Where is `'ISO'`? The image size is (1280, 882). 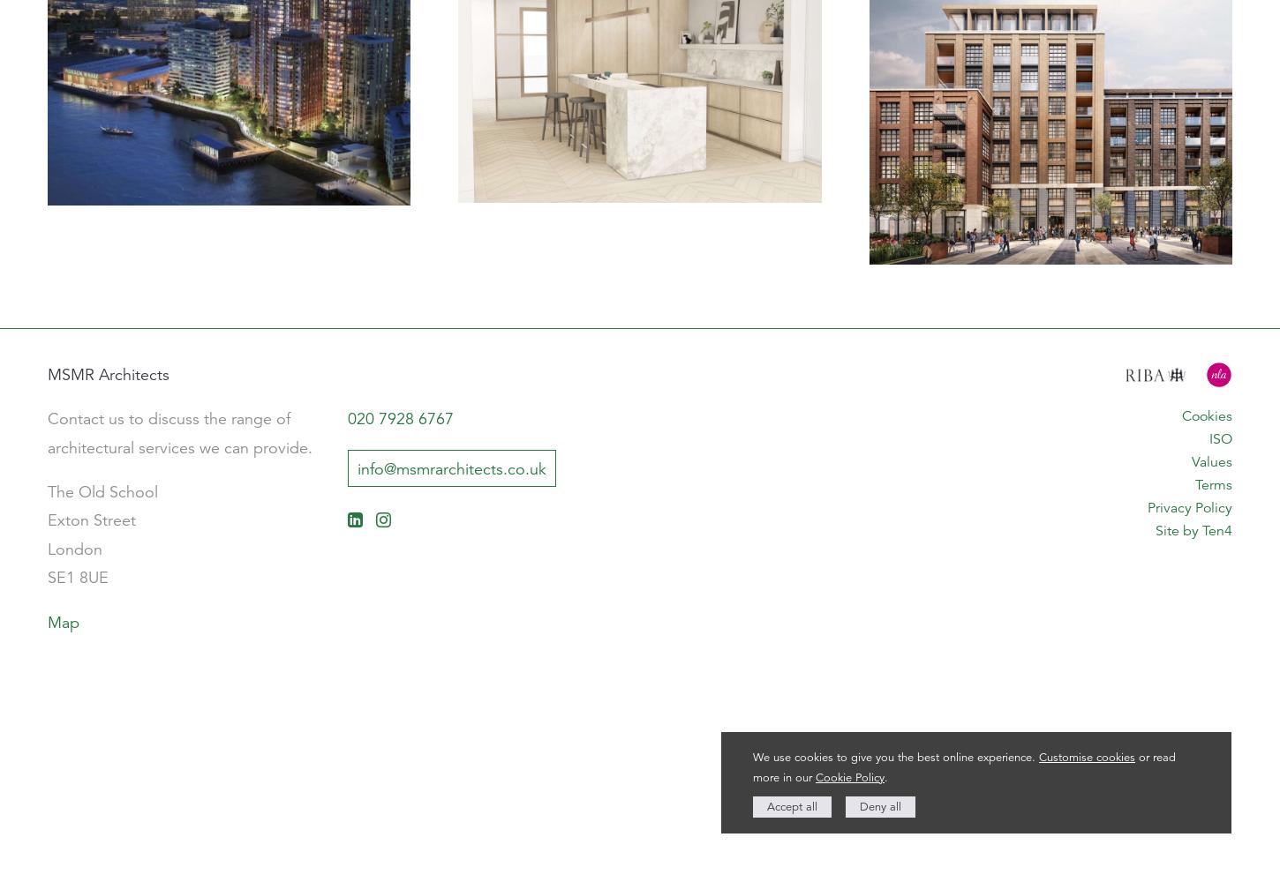 'ISO' is located at coordinates (1208, 438).